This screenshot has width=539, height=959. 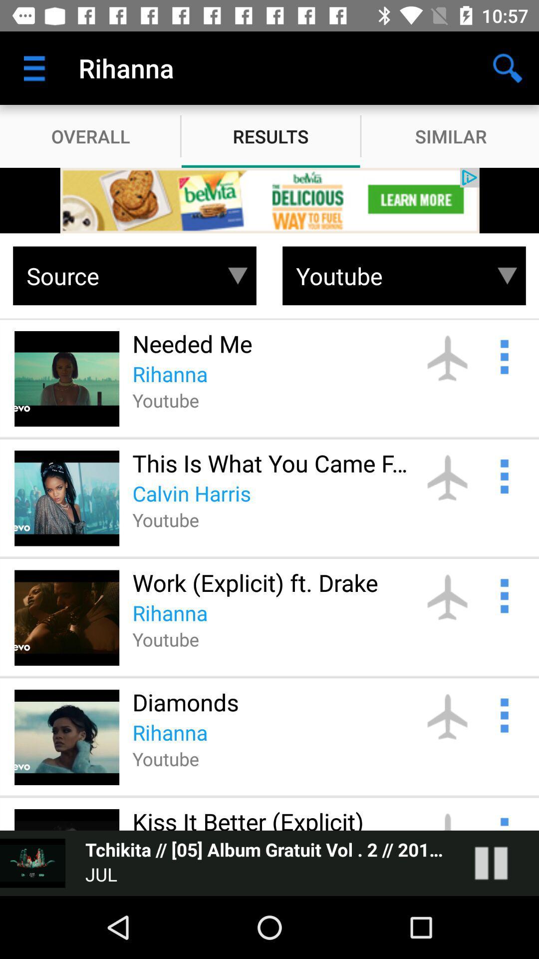 What do you see at coordinates (503, 714) in the screenshot?
I see `the 4th more icon` at bounding box center [503, 714].